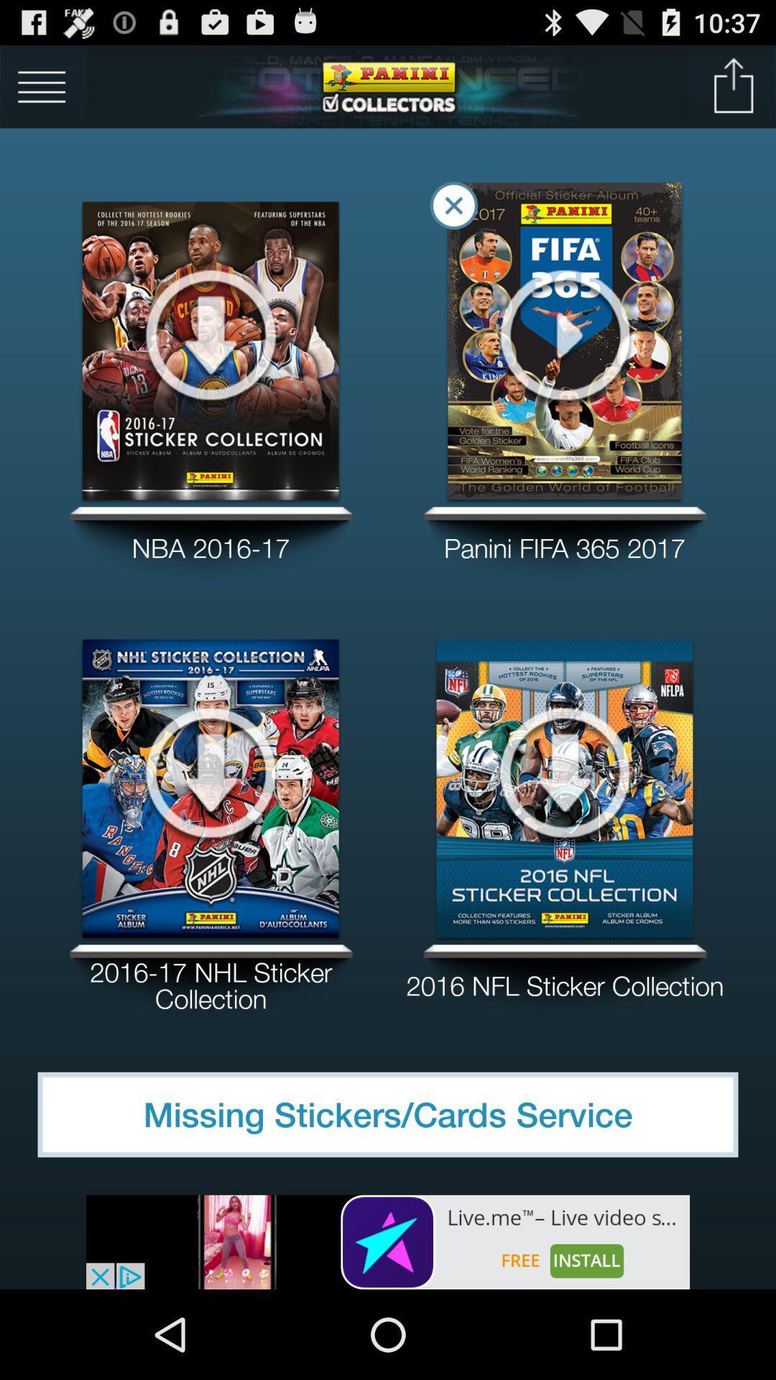 The image size is (776, 1380). I want to click on the launch icon, so click(734, 91).